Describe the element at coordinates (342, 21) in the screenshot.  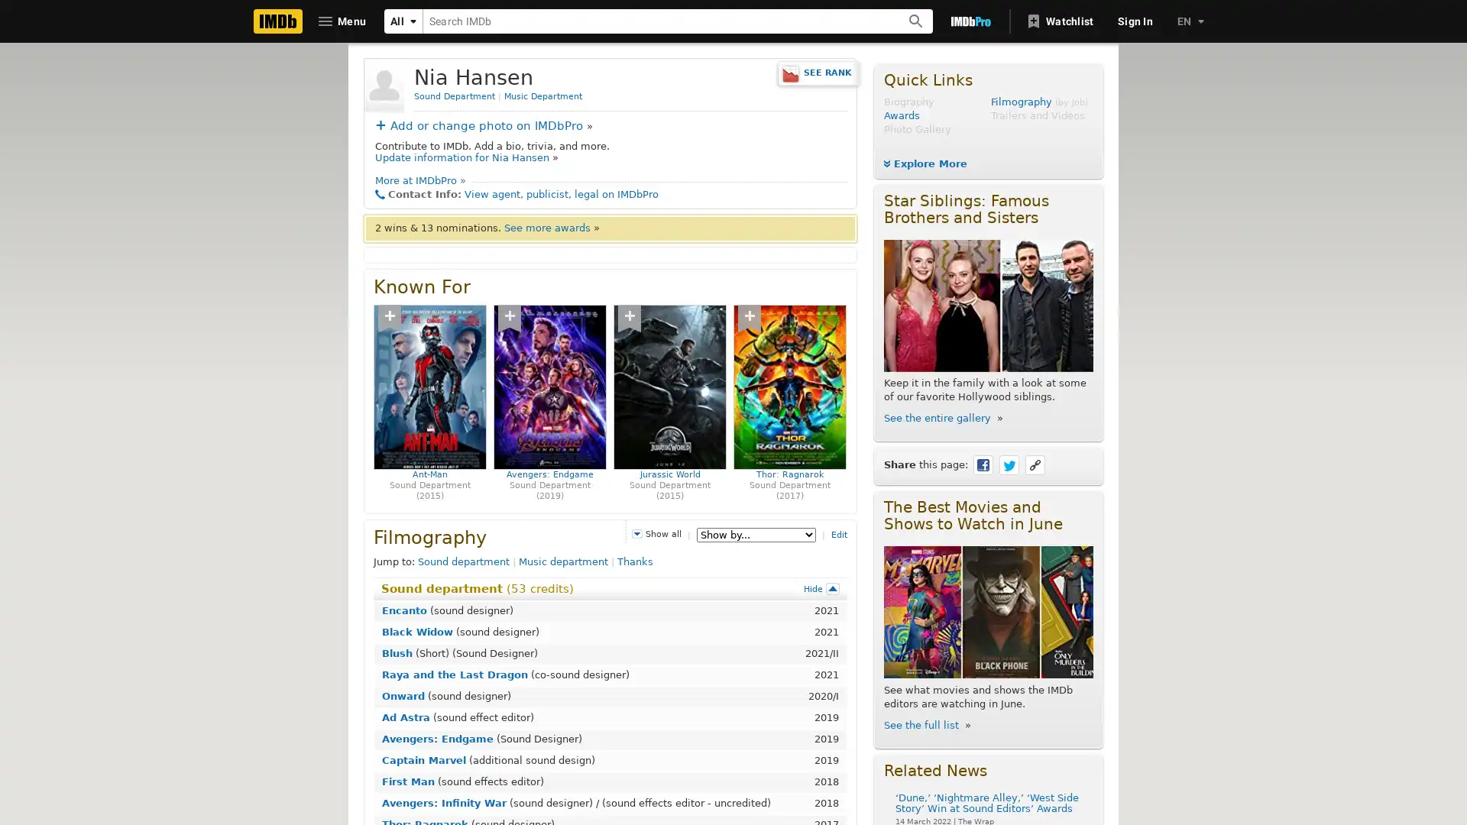
I see `Open Navigation Drawer` at that location.